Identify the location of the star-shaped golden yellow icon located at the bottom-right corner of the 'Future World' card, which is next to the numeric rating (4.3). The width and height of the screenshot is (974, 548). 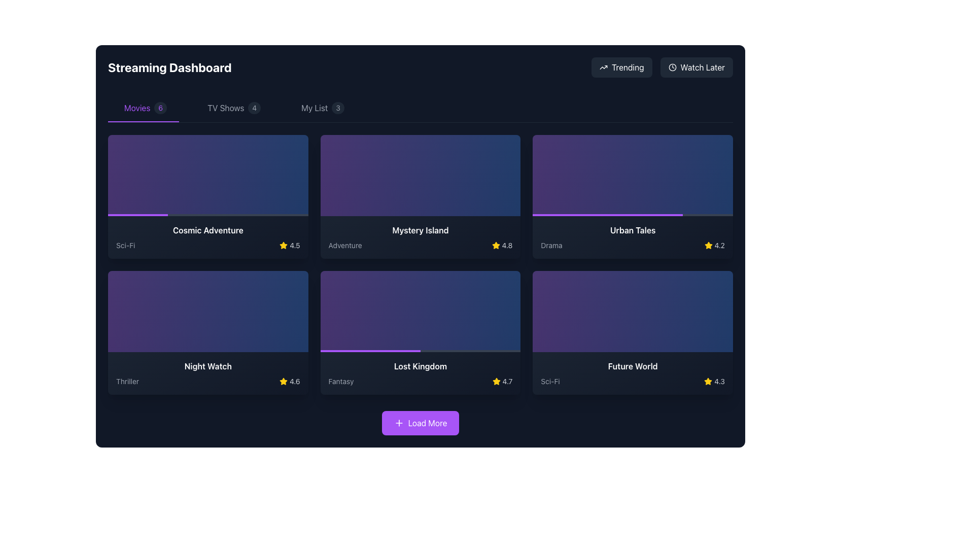
(708, 382).